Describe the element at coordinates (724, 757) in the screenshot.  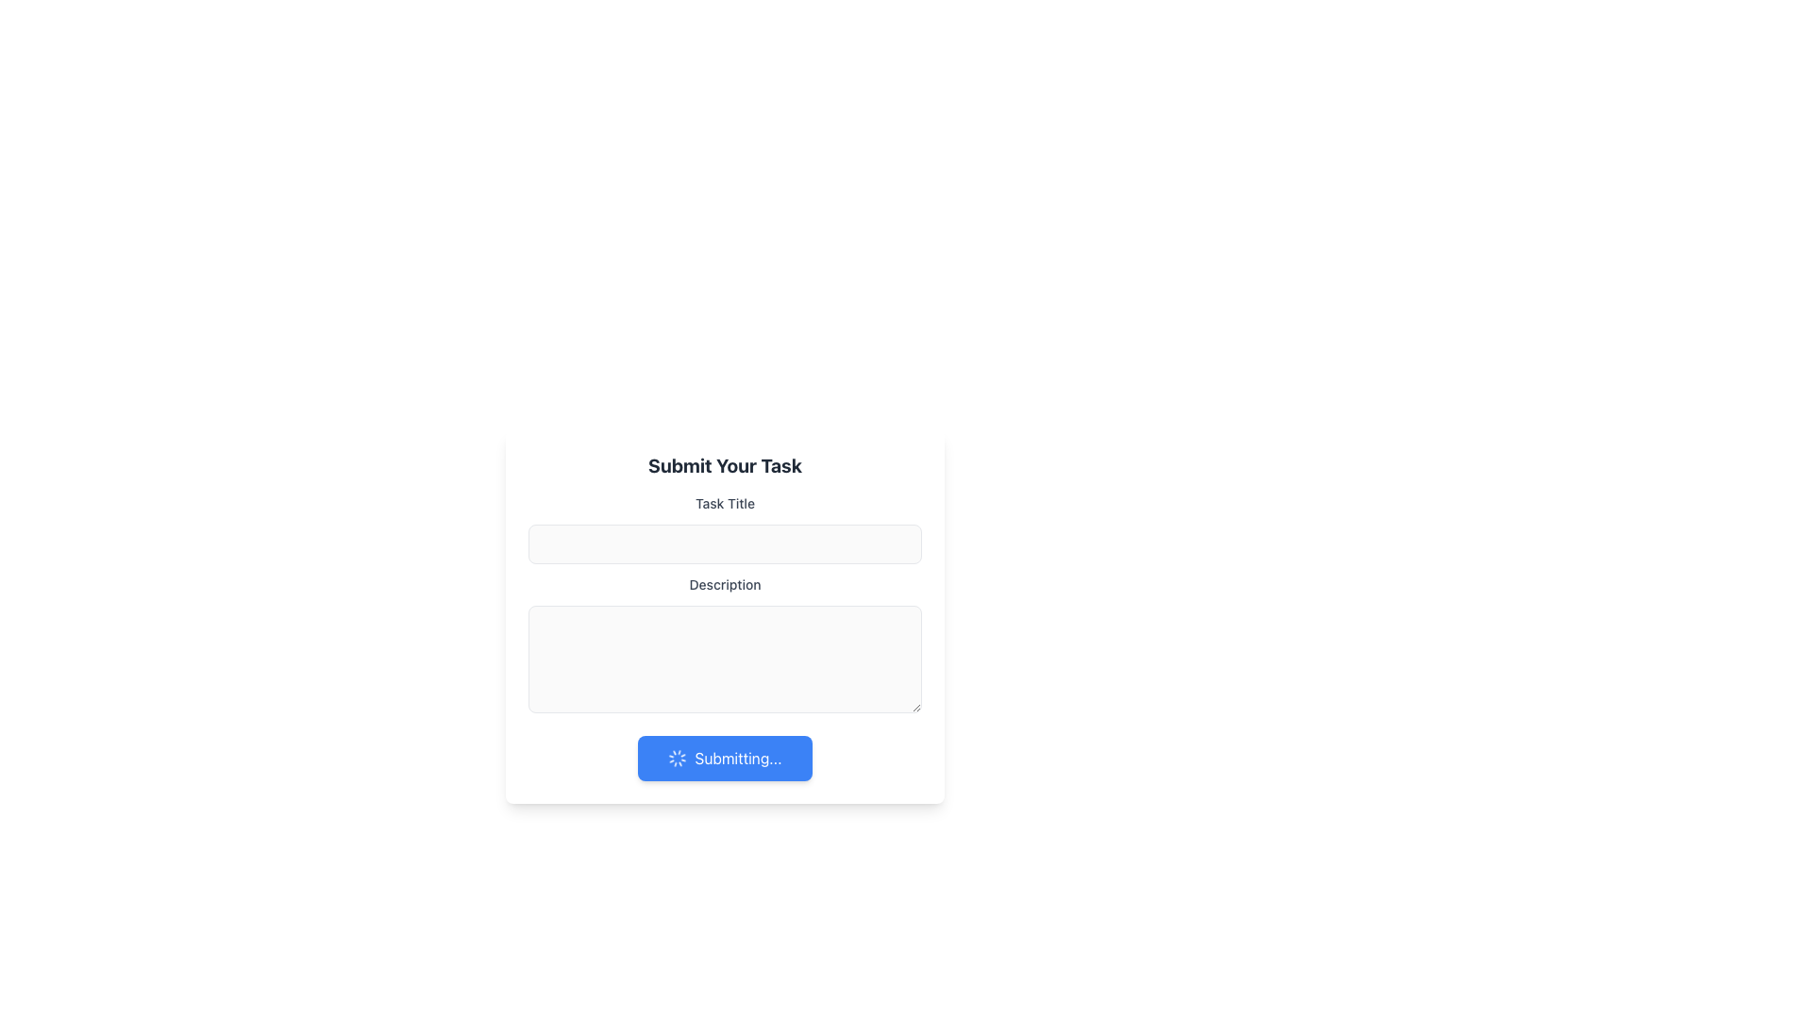
I see `the animation of the spinning icon located within the rectangular blue button labeled 'Submitting...' at the center of the button` at that location.